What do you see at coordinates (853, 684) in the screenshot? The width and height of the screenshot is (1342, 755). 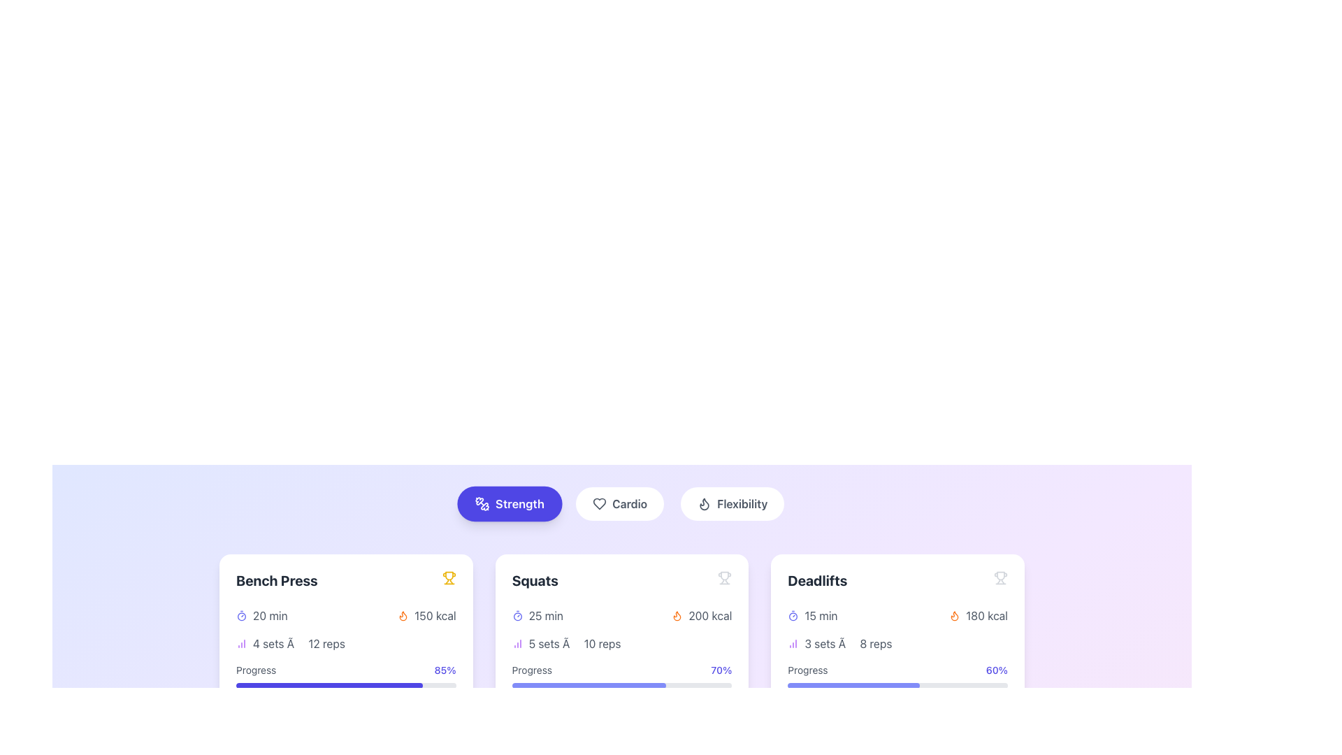 I see `the filled progress bar segment indicating 60% completion for the 'Deadlifts' exercise located at the bottom right of the progress bar` at bounding box center [853, 684].